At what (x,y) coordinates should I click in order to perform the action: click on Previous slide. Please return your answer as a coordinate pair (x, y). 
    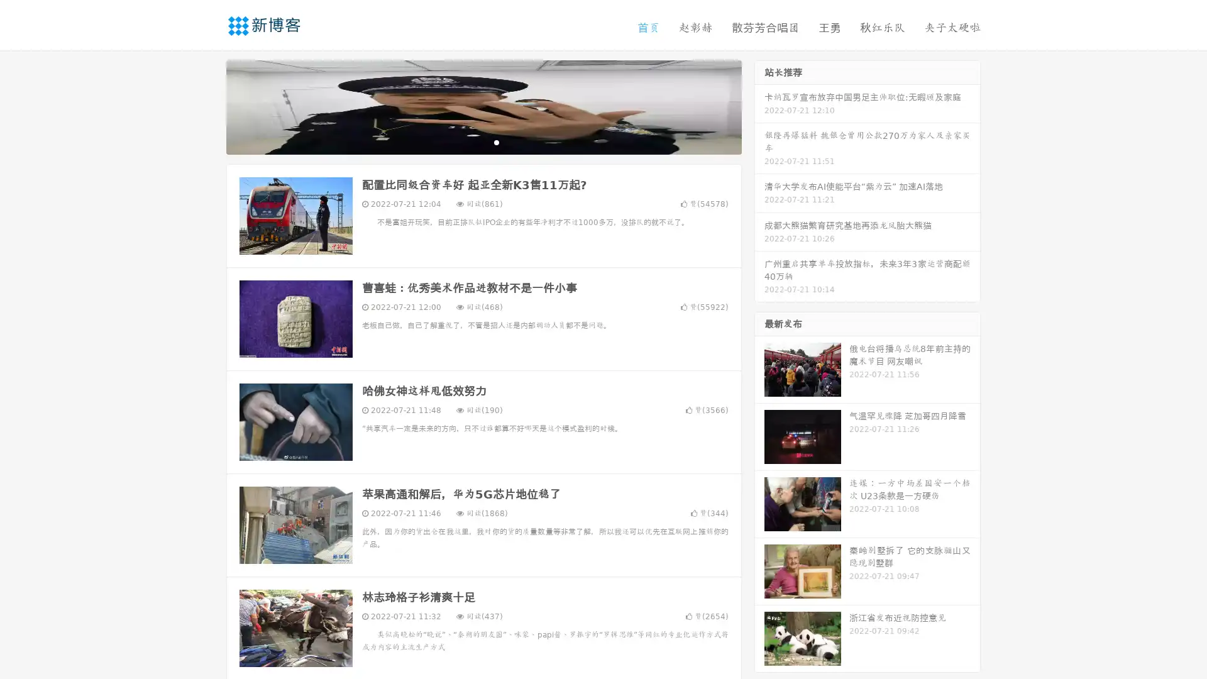
    Looking at the image, I should click on (207, 106).